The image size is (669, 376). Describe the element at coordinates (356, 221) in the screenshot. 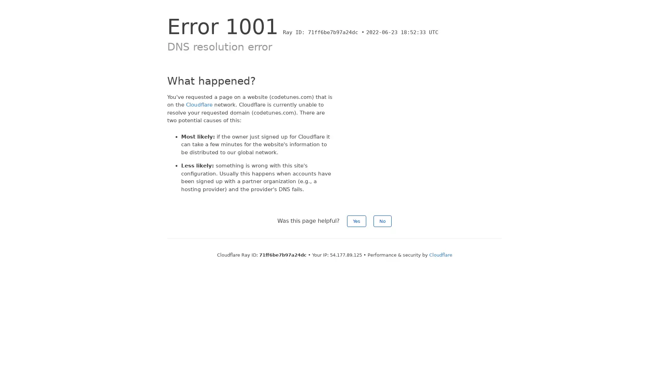

I see `Yes` at that location.